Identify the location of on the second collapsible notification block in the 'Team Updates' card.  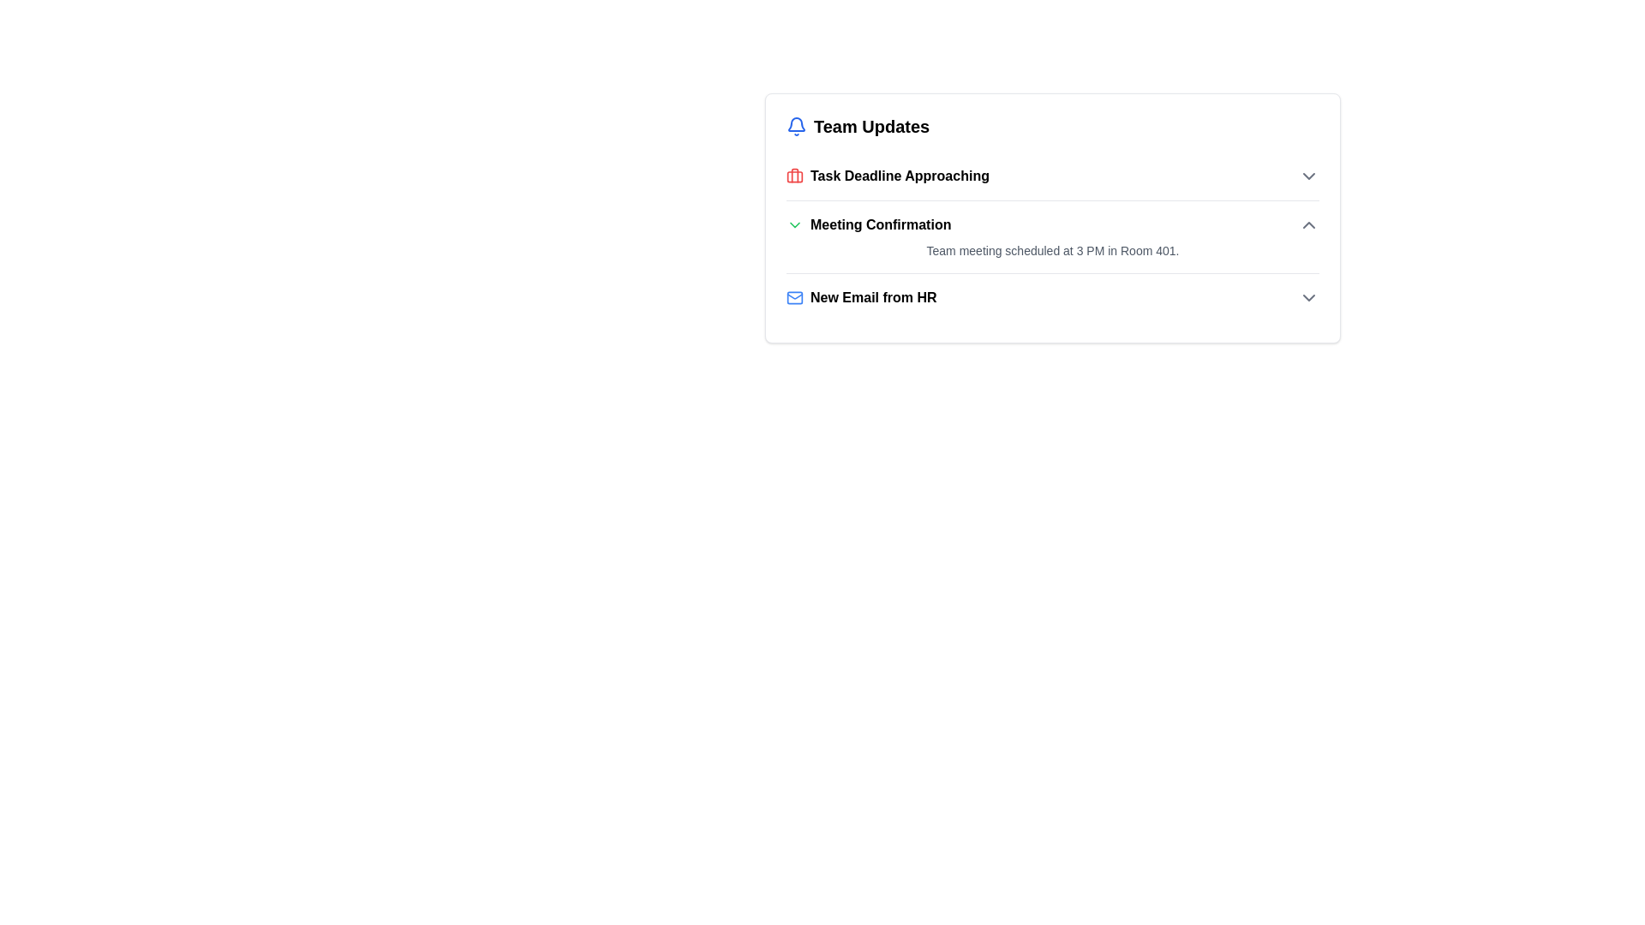
(1051, 237).